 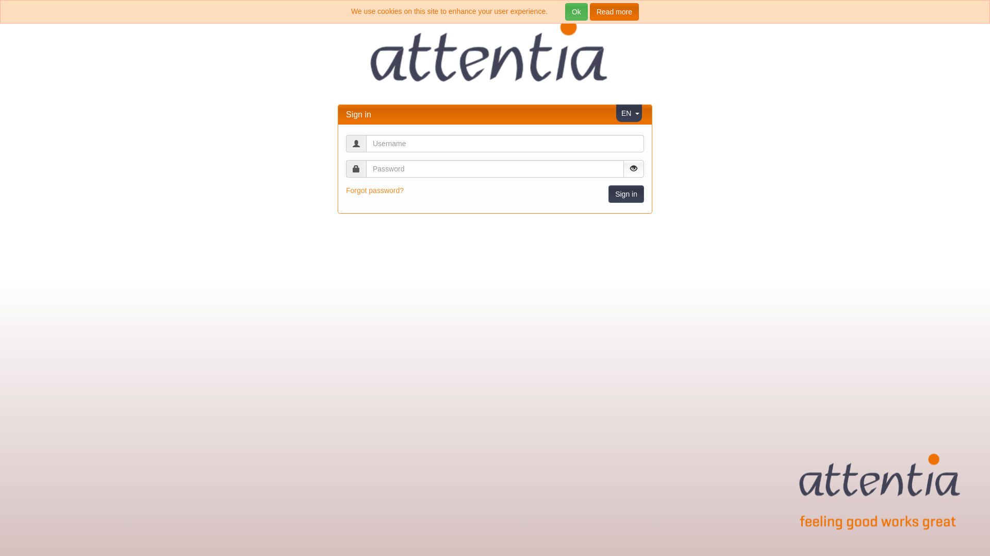 I want to click on 'Read more', so click(x=614, y=12).